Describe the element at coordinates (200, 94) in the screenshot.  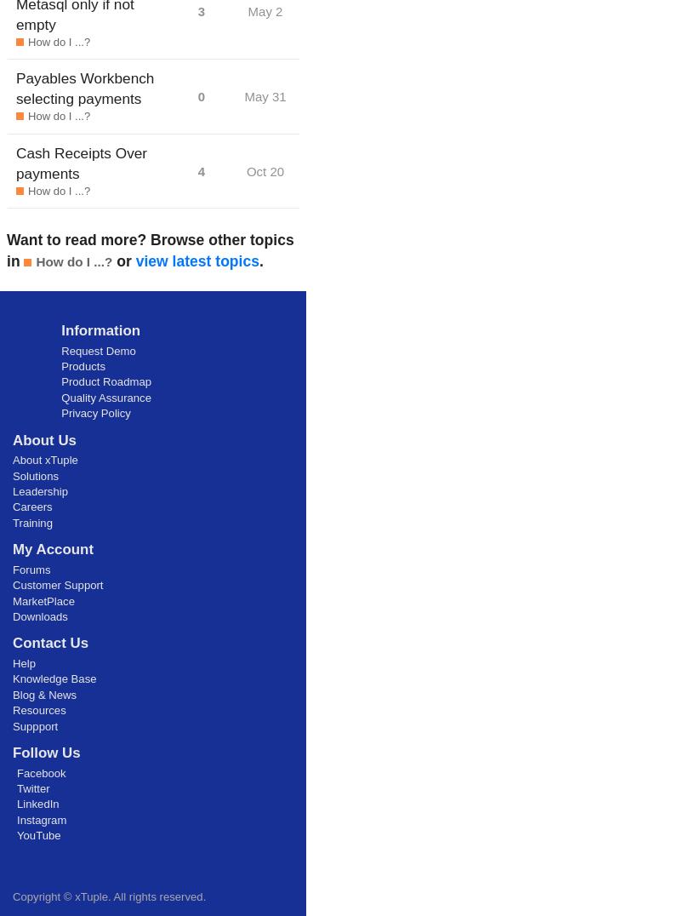
I see `'0'` at that location.